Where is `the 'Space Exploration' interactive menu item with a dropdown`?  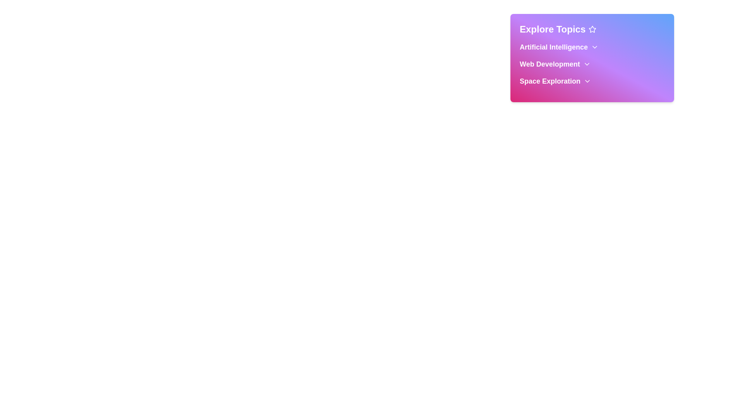 the 'Space Exploration' interactive menu item with a dropdown is located at coordinates (592, 81).